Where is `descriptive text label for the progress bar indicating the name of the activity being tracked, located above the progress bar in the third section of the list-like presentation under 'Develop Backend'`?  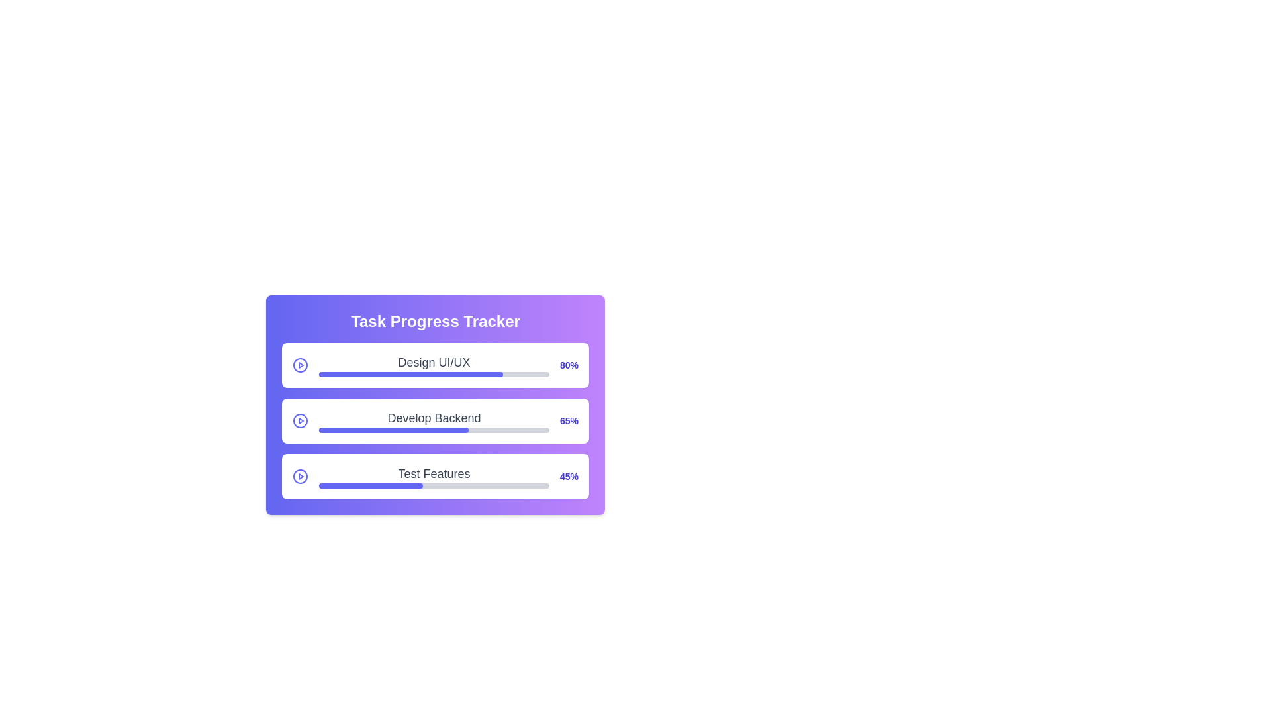
descriptive text label for the progress bar indicating the name of the activity being tracked, located above the progress bar in the third section of the list-like presentation under 'Develop Backend' is located at coordinates (434, 473).